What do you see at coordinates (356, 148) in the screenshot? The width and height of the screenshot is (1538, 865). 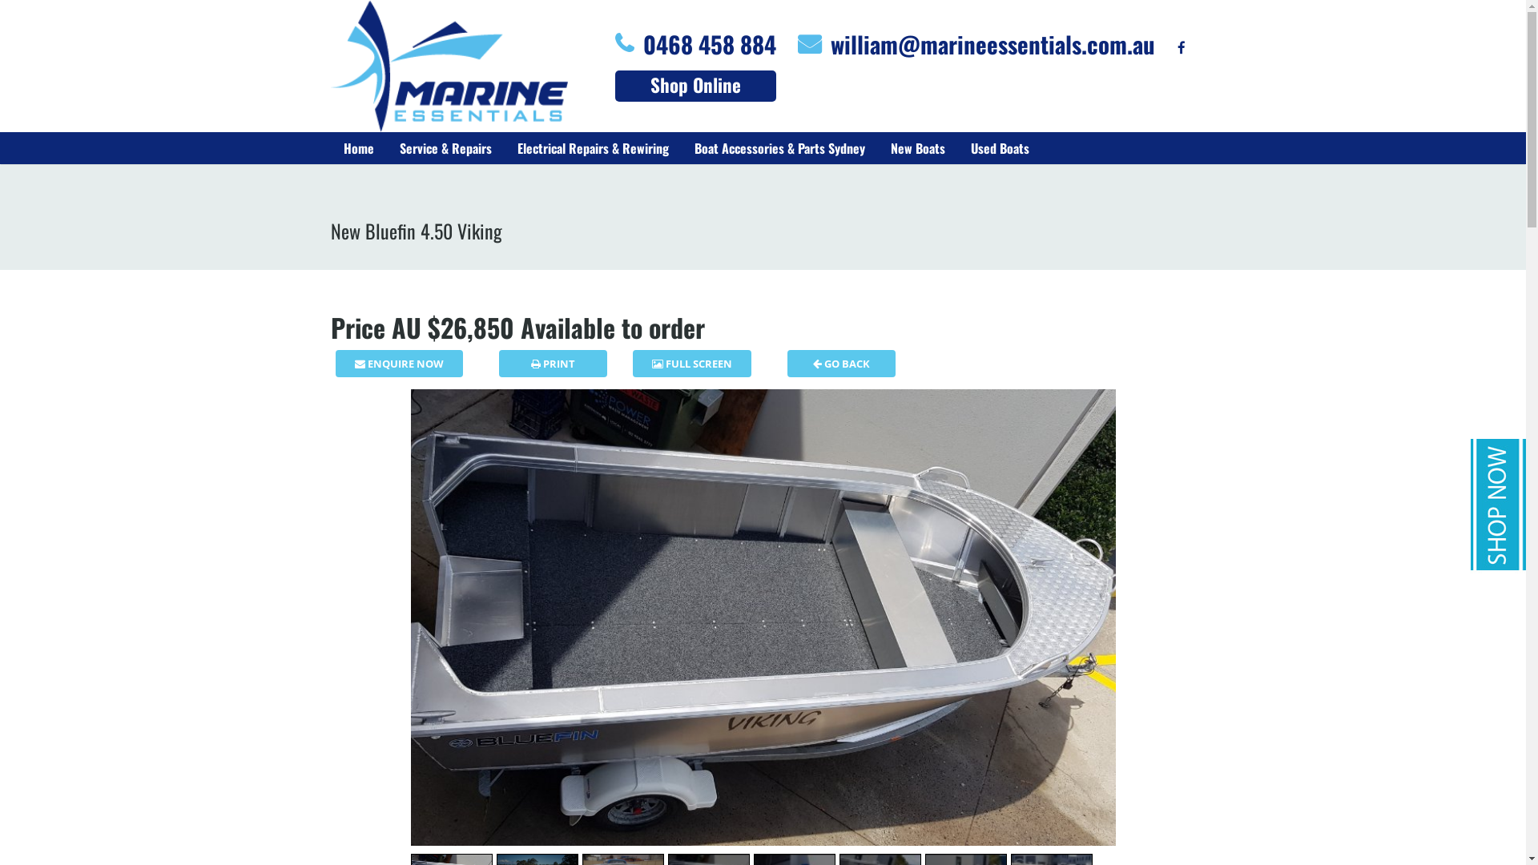 I see `'Home'` at bounding box center [356, 148].